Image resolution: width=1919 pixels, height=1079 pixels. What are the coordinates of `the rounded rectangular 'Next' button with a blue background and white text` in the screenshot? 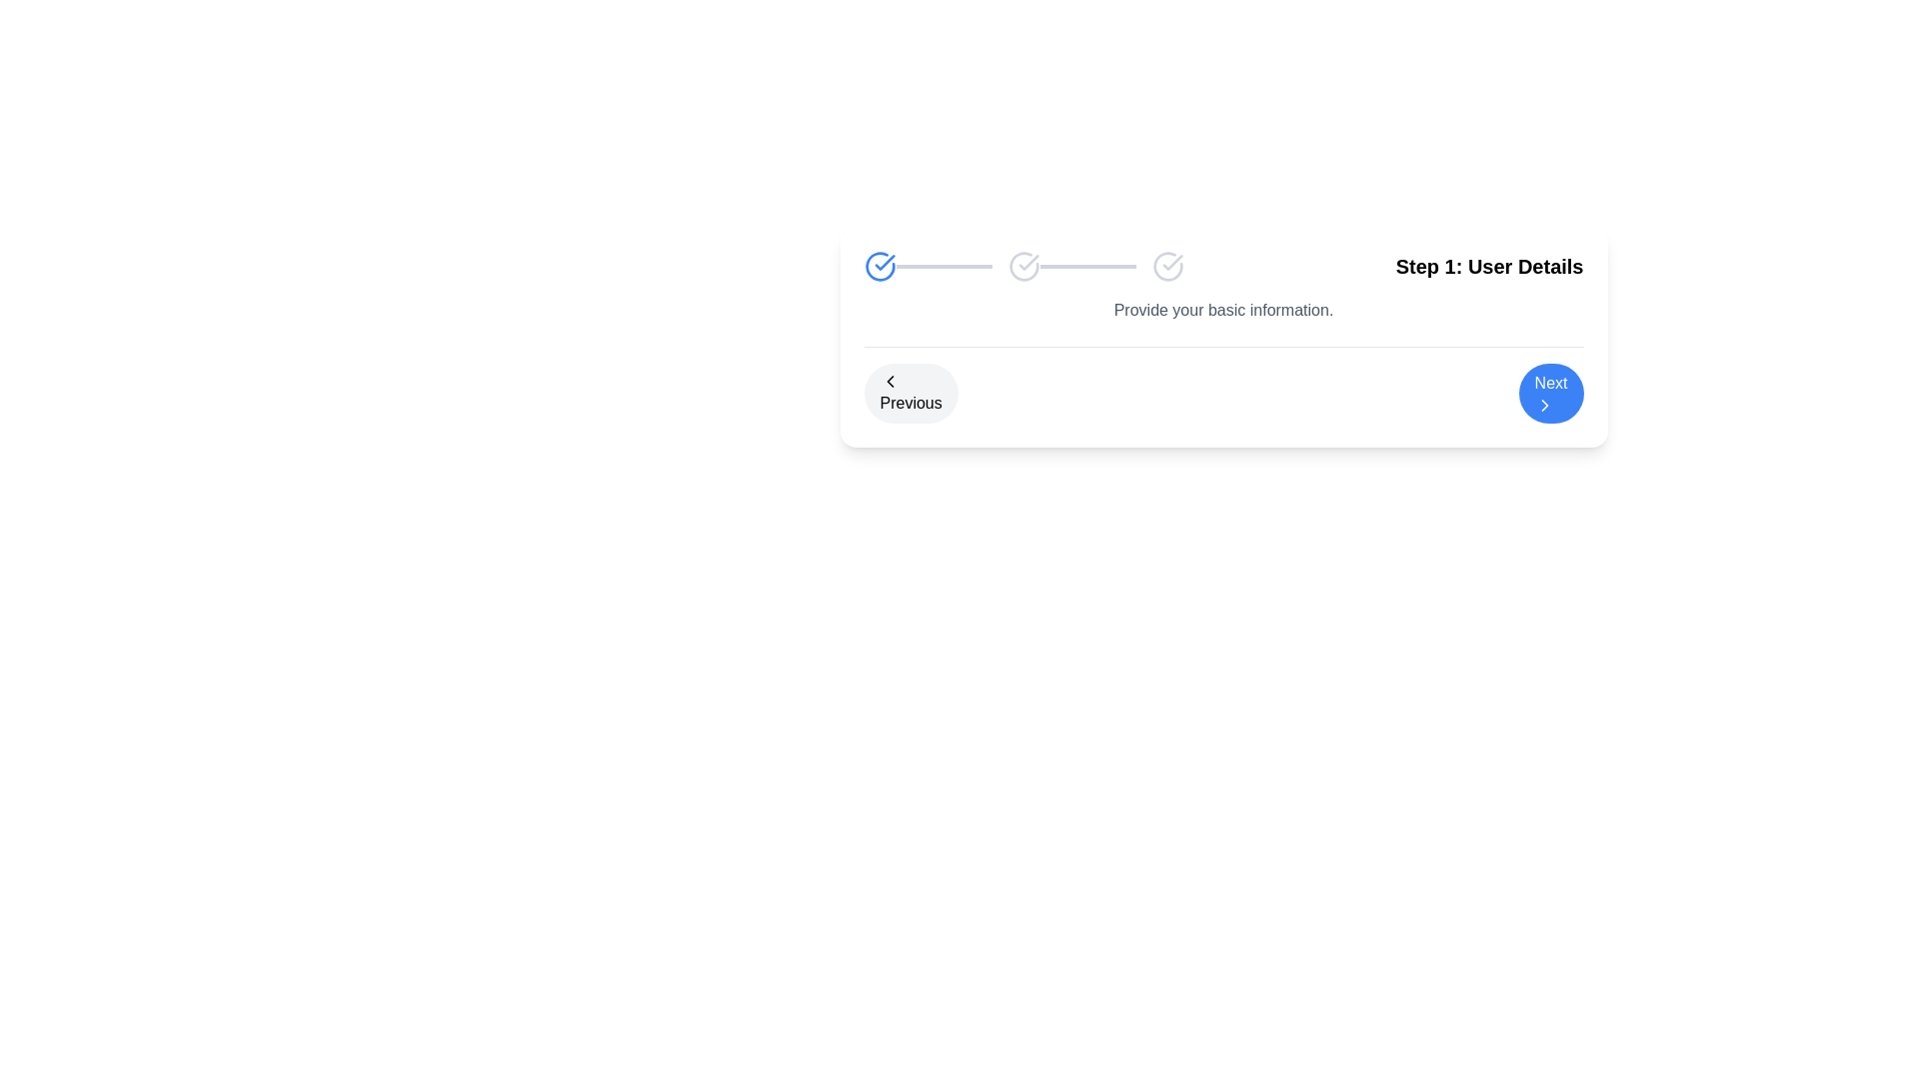 It's located at (1550, 393).